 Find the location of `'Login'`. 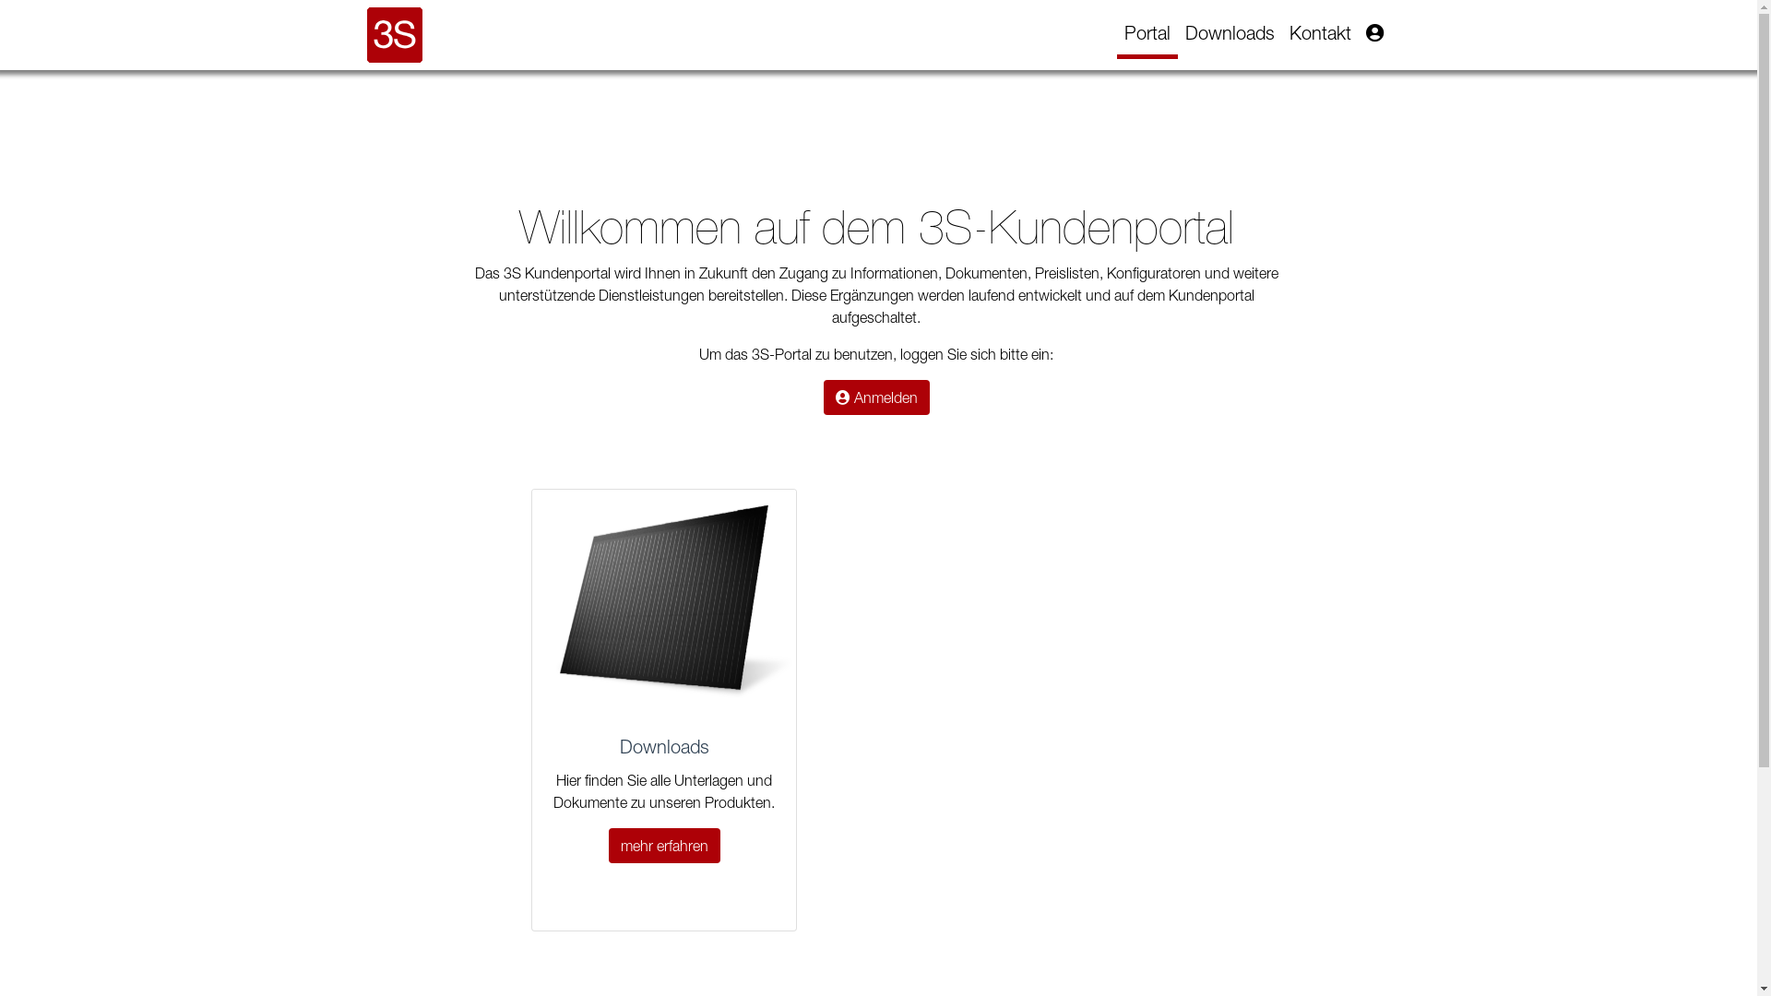

'Login' is located at coordinates (1373, 31).